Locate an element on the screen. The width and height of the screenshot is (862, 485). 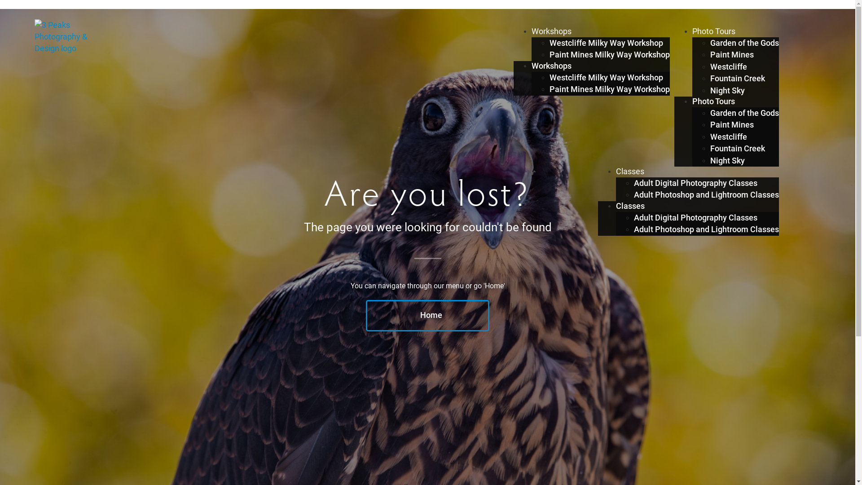
'Garden of the Gods' is located at coordinates (744, 43).